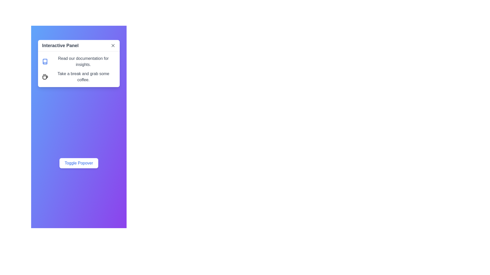 The height and width of the screenshot is (275, 490). Describe the element at coordinates (113, 45) in the screenshot. I see `the close icon located at the top-right corner of the 'Interactive Panel'` at that location.